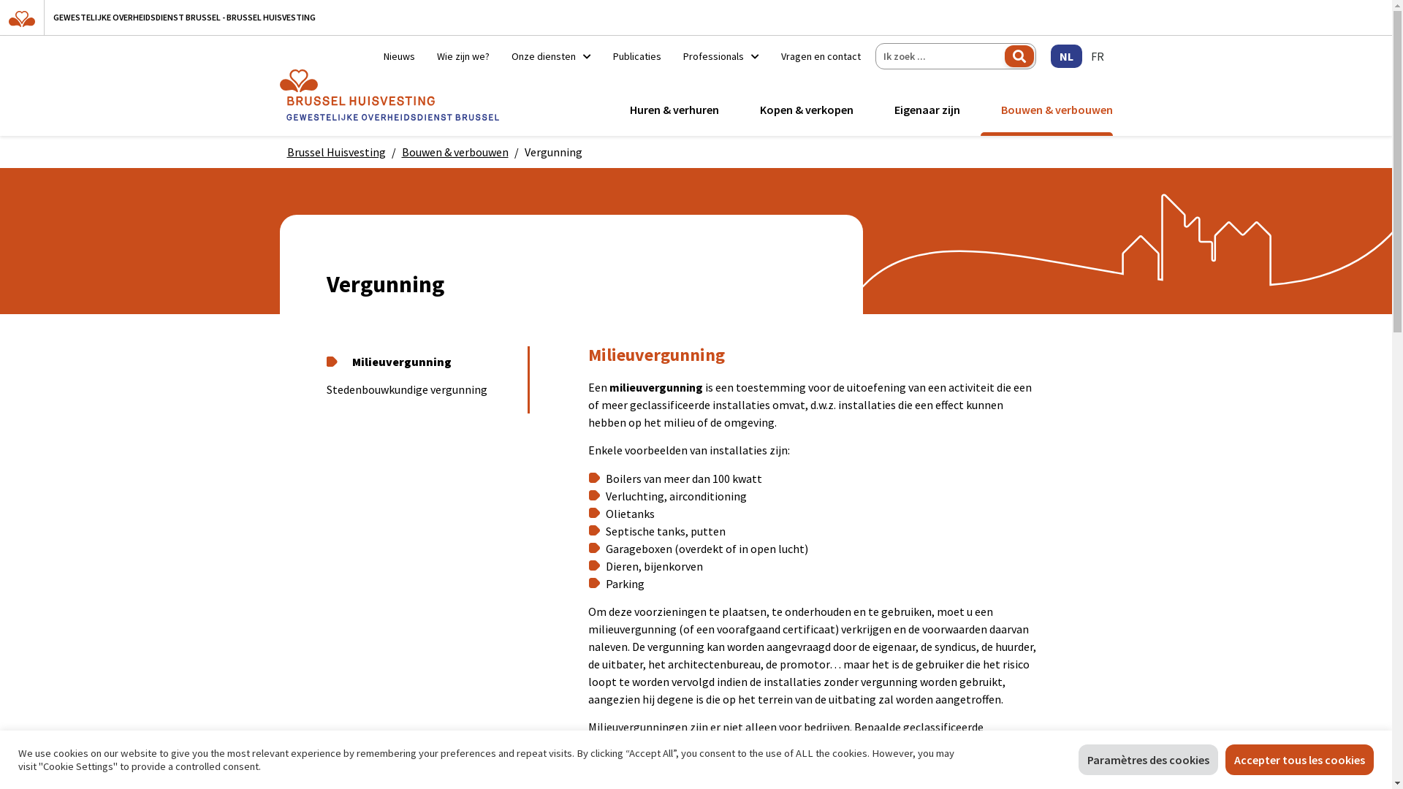 This screenshot has width=1403, height=789. What do you see at coordinates (815, 56) in the screenshot?
I see `'Vragen en contact'` at bounding box center [815, 56].